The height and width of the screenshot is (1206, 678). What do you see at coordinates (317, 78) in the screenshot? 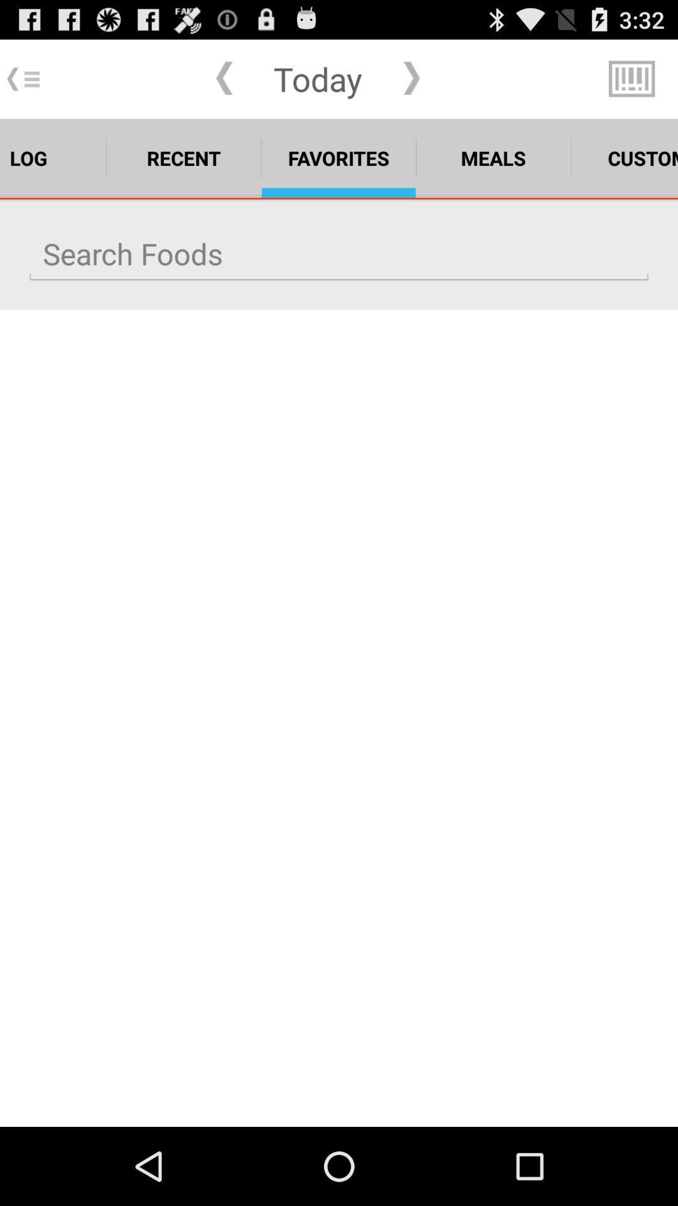
I see `the today app` at bounding box center [317, 78].